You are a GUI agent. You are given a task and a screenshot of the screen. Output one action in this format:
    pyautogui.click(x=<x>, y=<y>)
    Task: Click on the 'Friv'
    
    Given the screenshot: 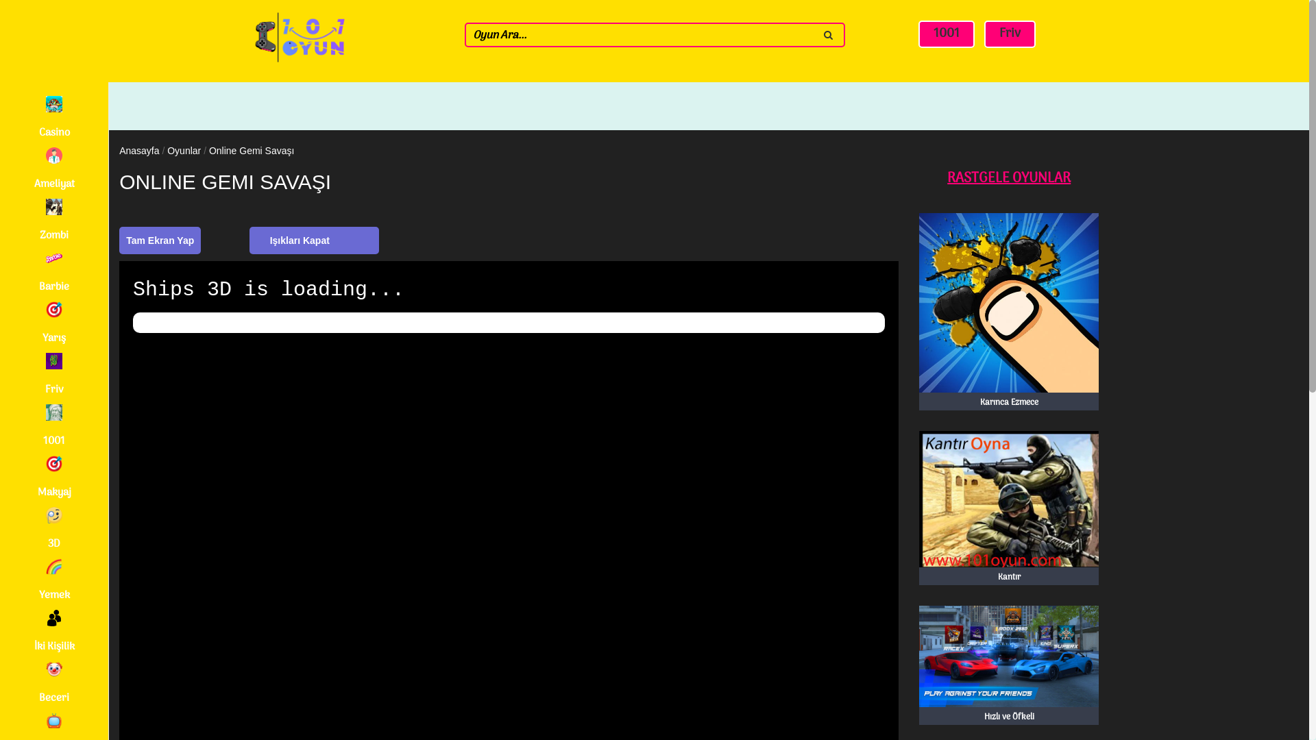 What is the action you would take?
    pyautogui.click(x=1010, y=34)
    